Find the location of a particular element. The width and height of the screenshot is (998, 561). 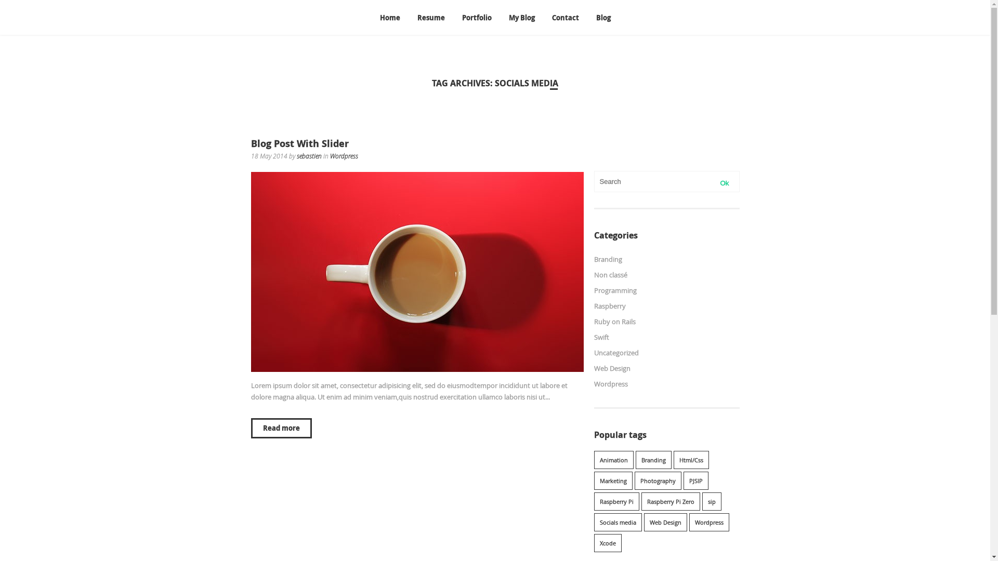

'Programming' is located at coordinates (594, 290).